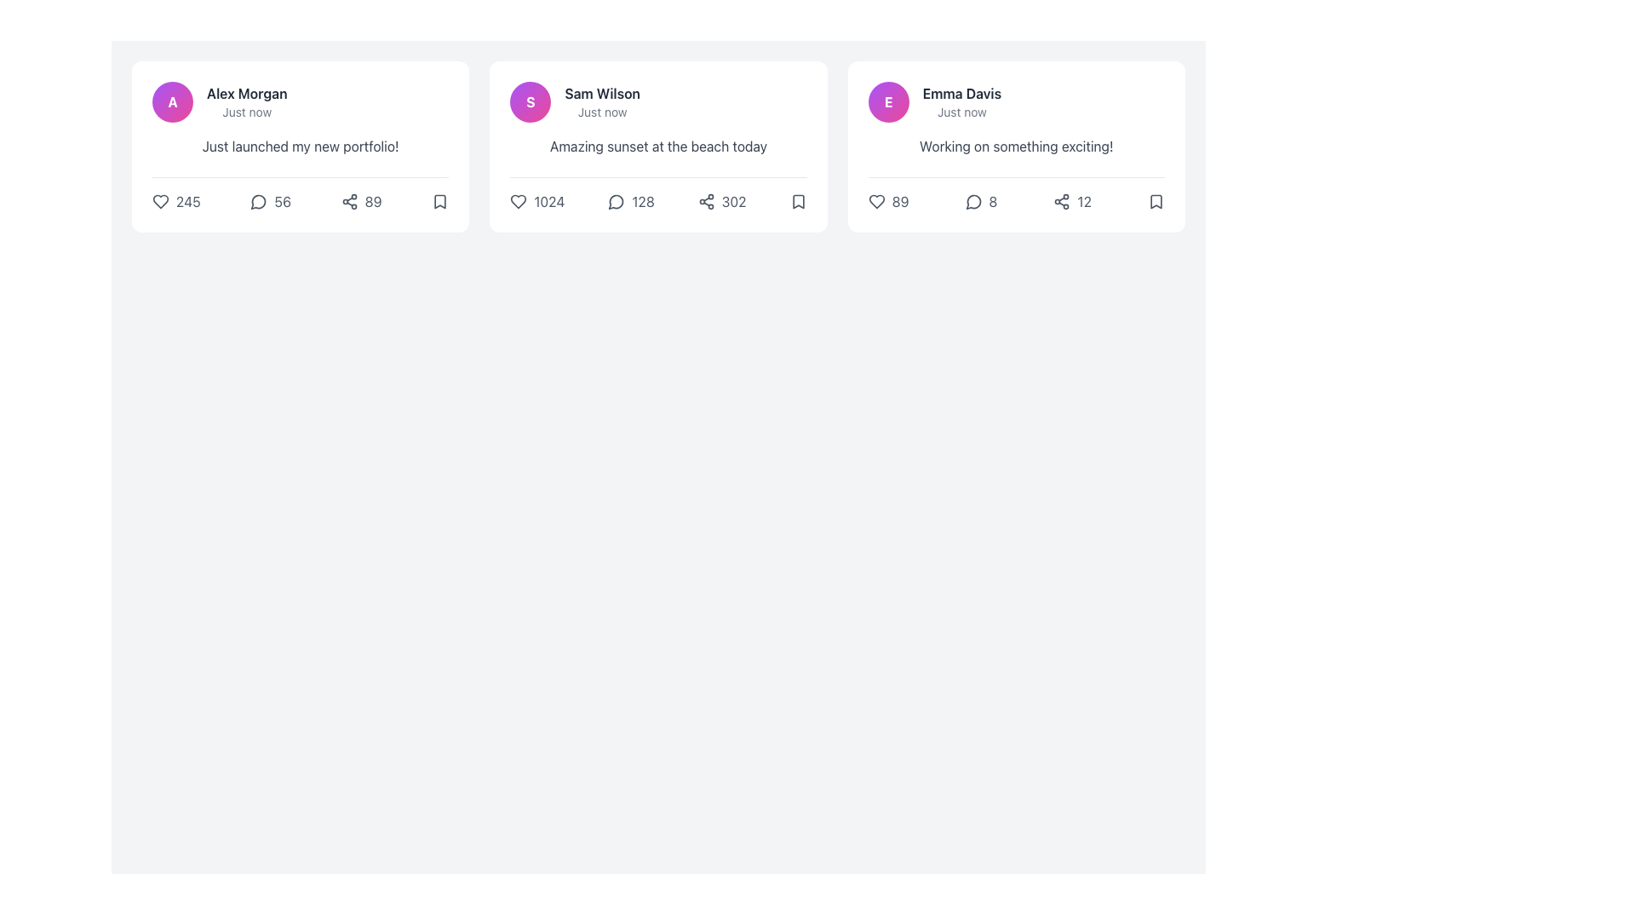 The height and width of the screenshot is (920, 1635). I want to click on the circular avatar icon with a gradient color transitioning from purple to pink, which contains a white capital letter 'S' in bold font, to use it as the user identifier, so click(530, 101).